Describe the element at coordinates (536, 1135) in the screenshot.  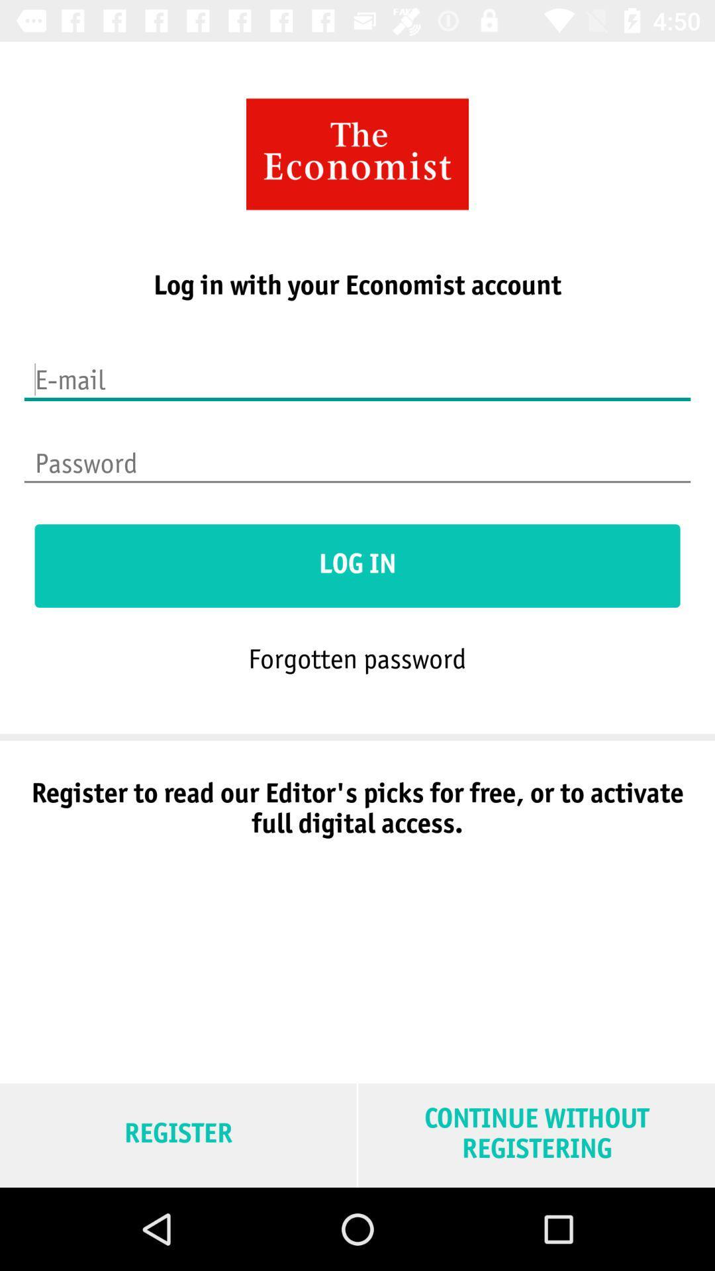
I see `continue without registering at the bottom right corner` at that location.